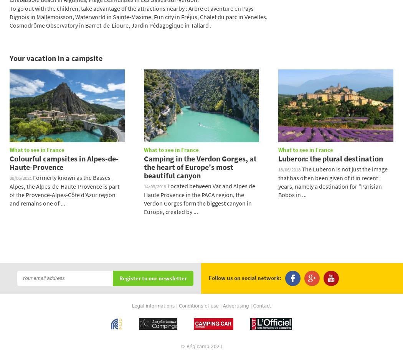  Describe the element at coordinates (153, 278) in the screenshot. I see `'Register to our newsletter'` at that location.